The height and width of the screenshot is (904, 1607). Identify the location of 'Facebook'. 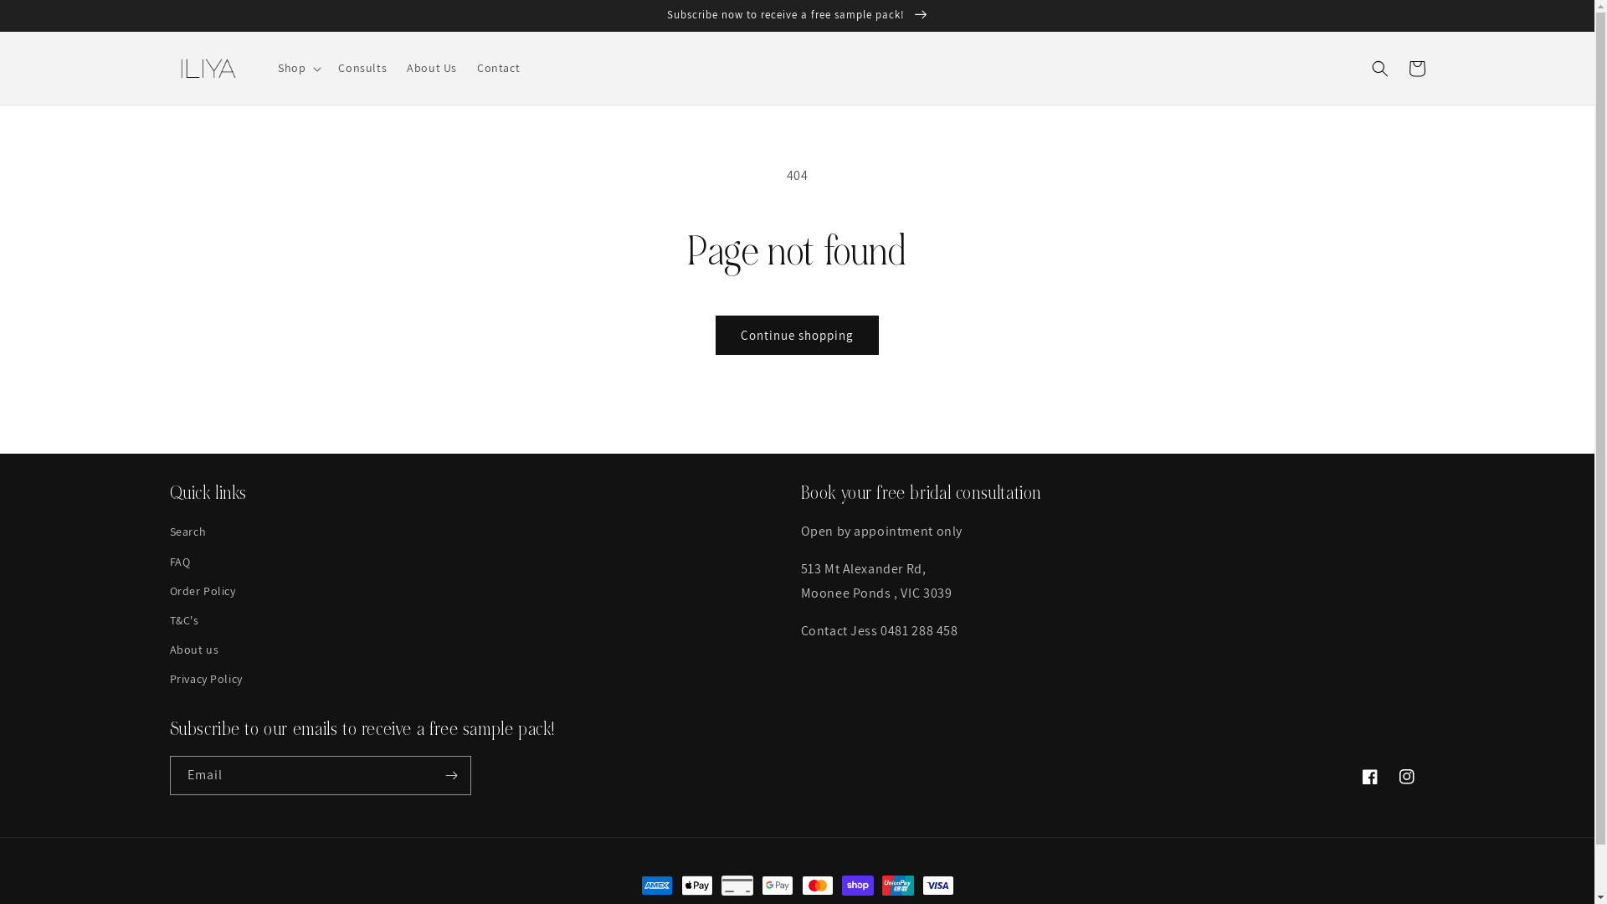
(1369, 777).